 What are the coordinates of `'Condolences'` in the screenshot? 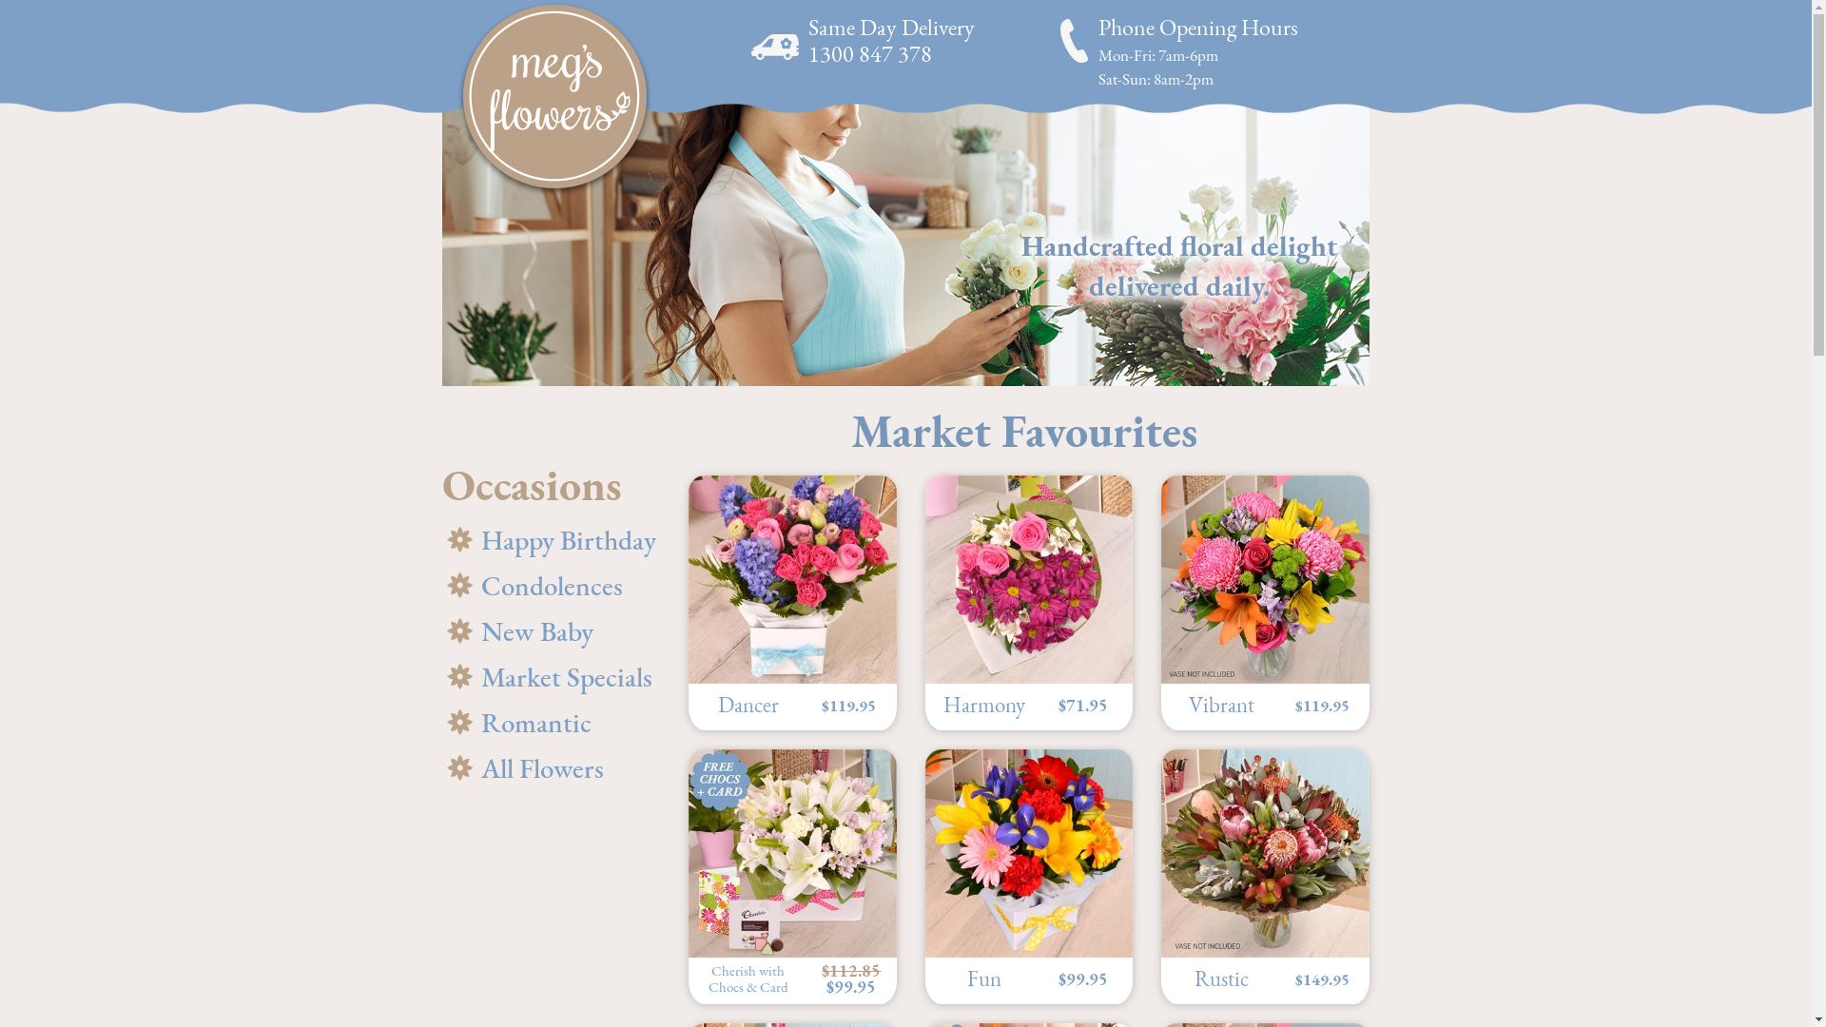 It's located at (550, 585).